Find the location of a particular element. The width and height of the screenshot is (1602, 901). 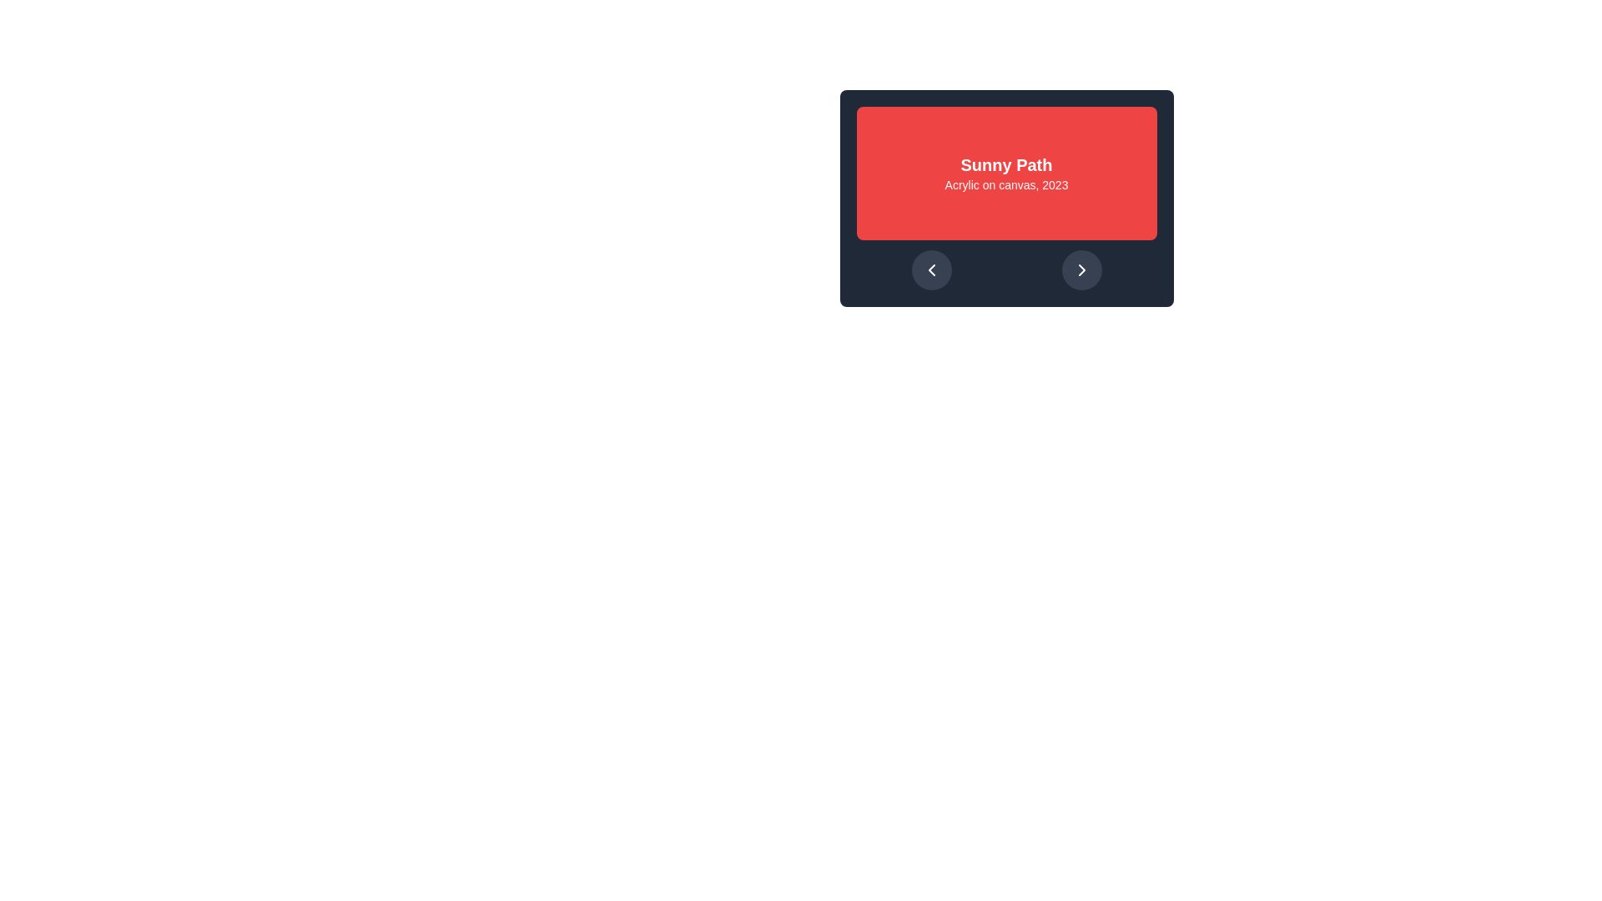

the left-facing chevron-shaped icon with a thin white stroke, located within a circular button on the left side of the panel is located at coordinates (930, 269).